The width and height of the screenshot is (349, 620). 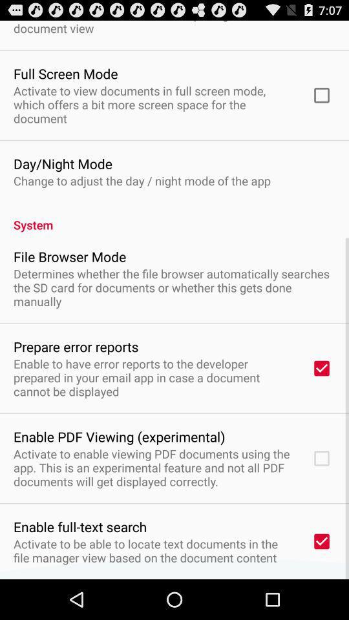 What do you see at coordinates (141, 180) in the screenshot?
I see `change to adjust item` at bounding box center [141, 180].